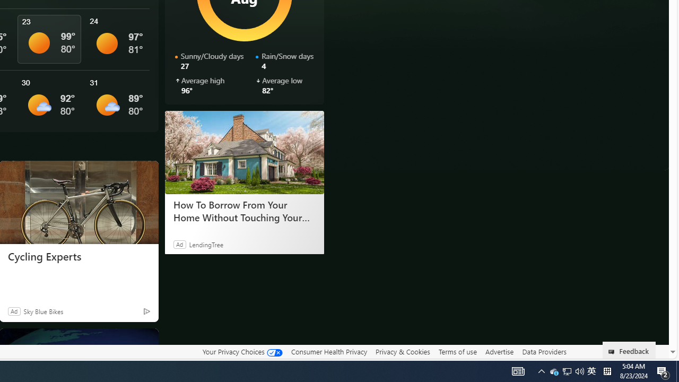 Image resolution: width=679 pixels, height=382 pixels. I want to click on 'Terms of use', so click(457, 352).